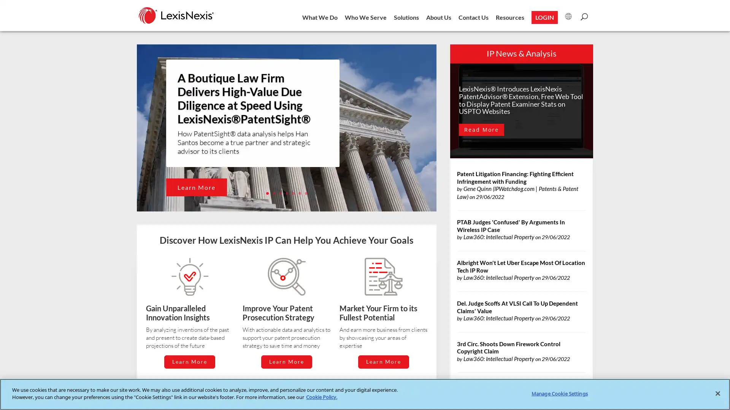 This screenshot has width=730, height=410. Describe the element at coordinates (559, 393) in the screenshot. I see `Manage Cookie Settings` at that location.